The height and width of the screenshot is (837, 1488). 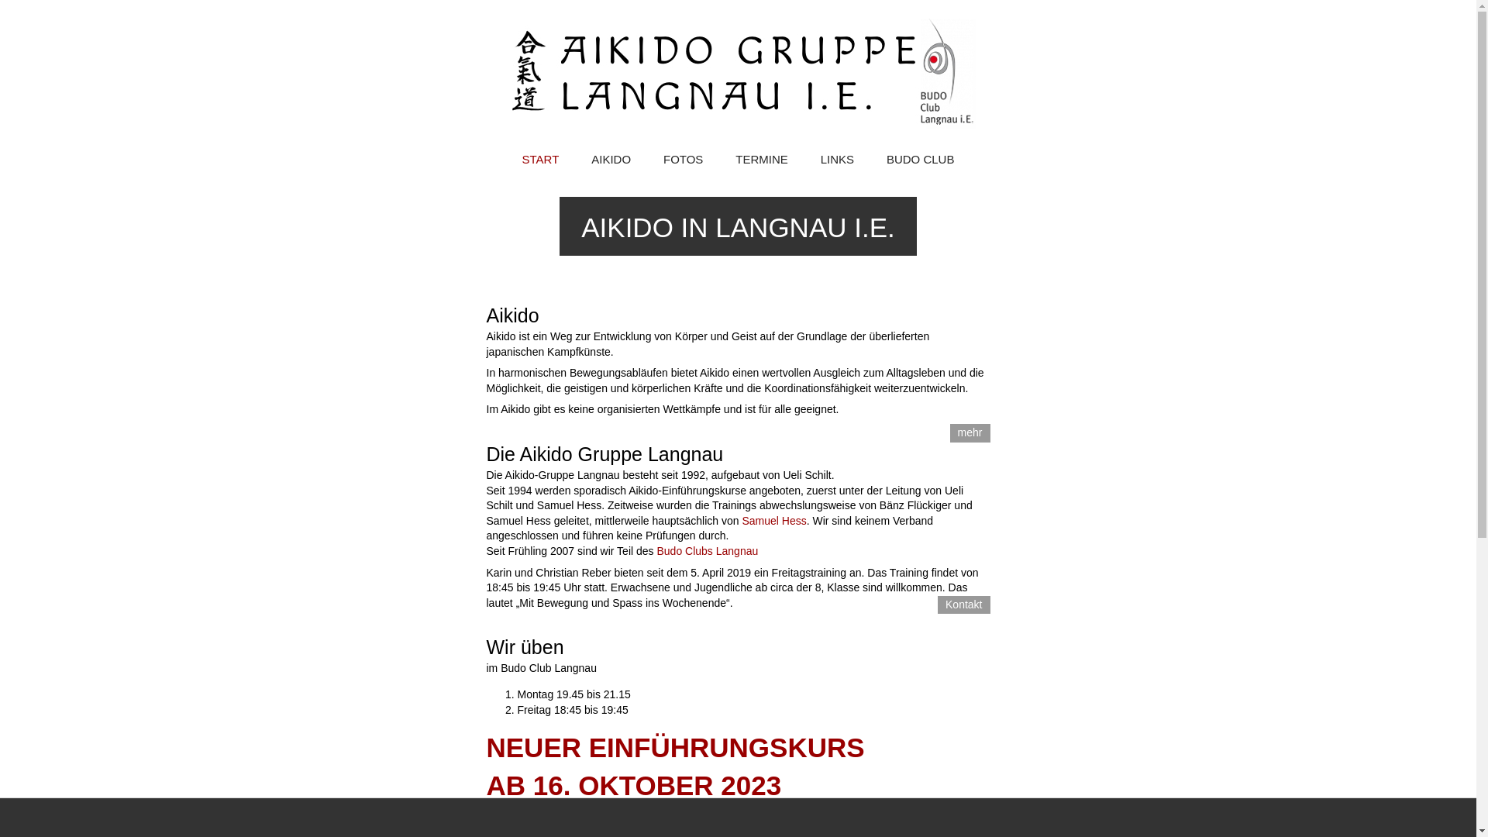 What do you see at coordinates (836, 160) in the screenshot?
I see `'LINKS'` at bounding box center [836, 160].